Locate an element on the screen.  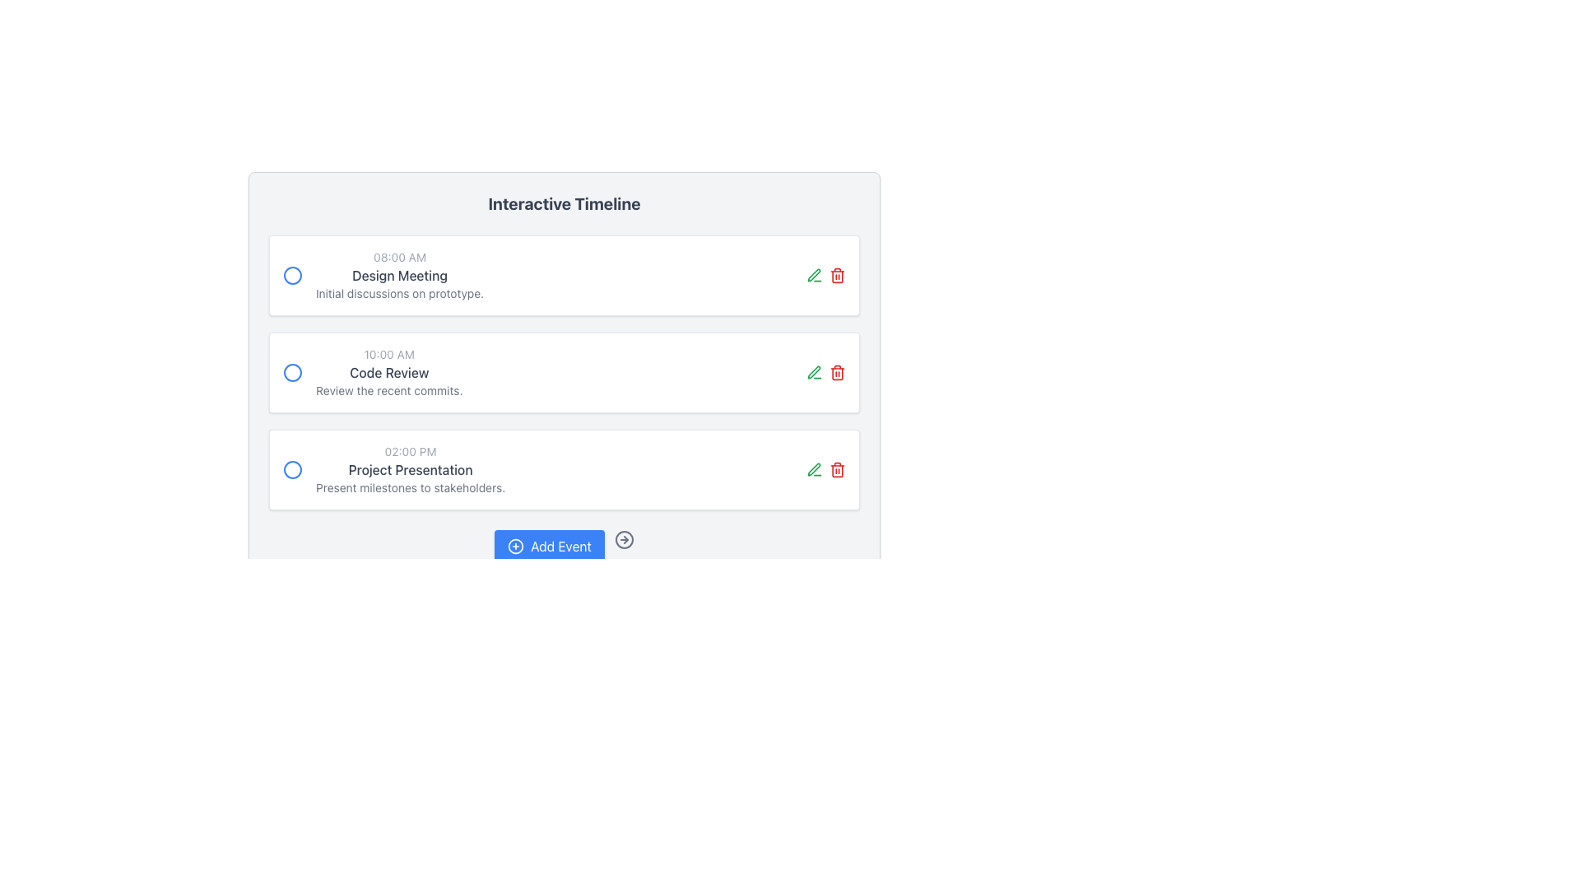
the blue circular icon with a hollow center that indicates selection, positioned at the start of the timeline entry for '08:00 AM' and 'Design Meeting' is located at coordinates (292, 275).